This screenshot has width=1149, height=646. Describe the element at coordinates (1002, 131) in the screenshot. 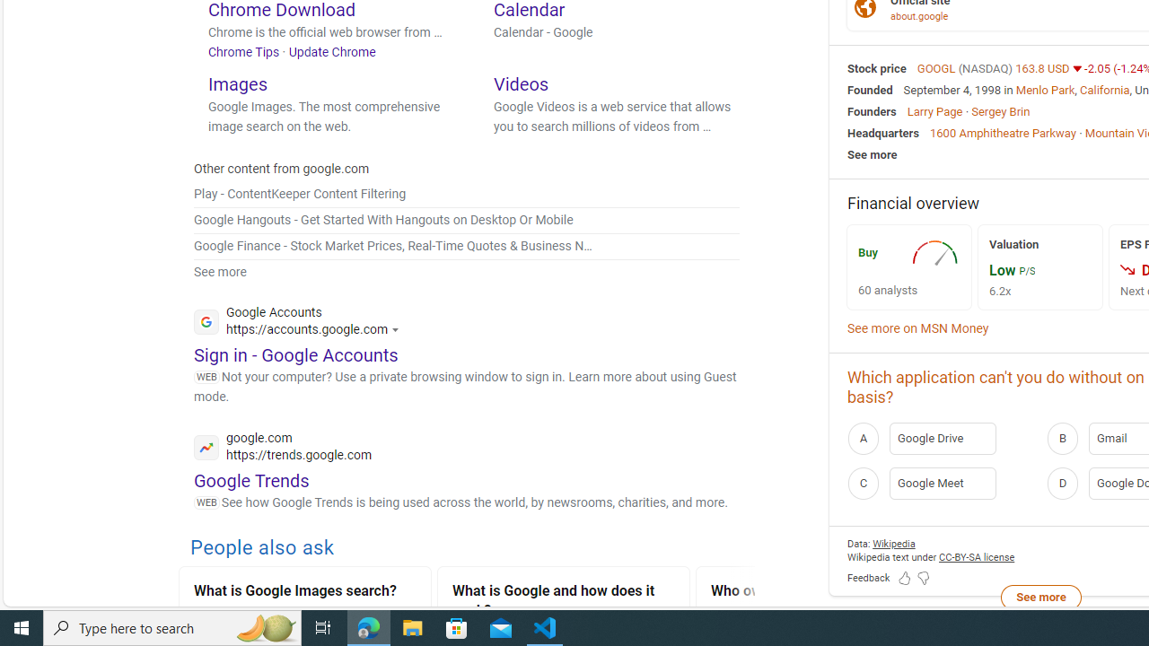

I see `'1600 Amphitheatre Parkway'` at that location.